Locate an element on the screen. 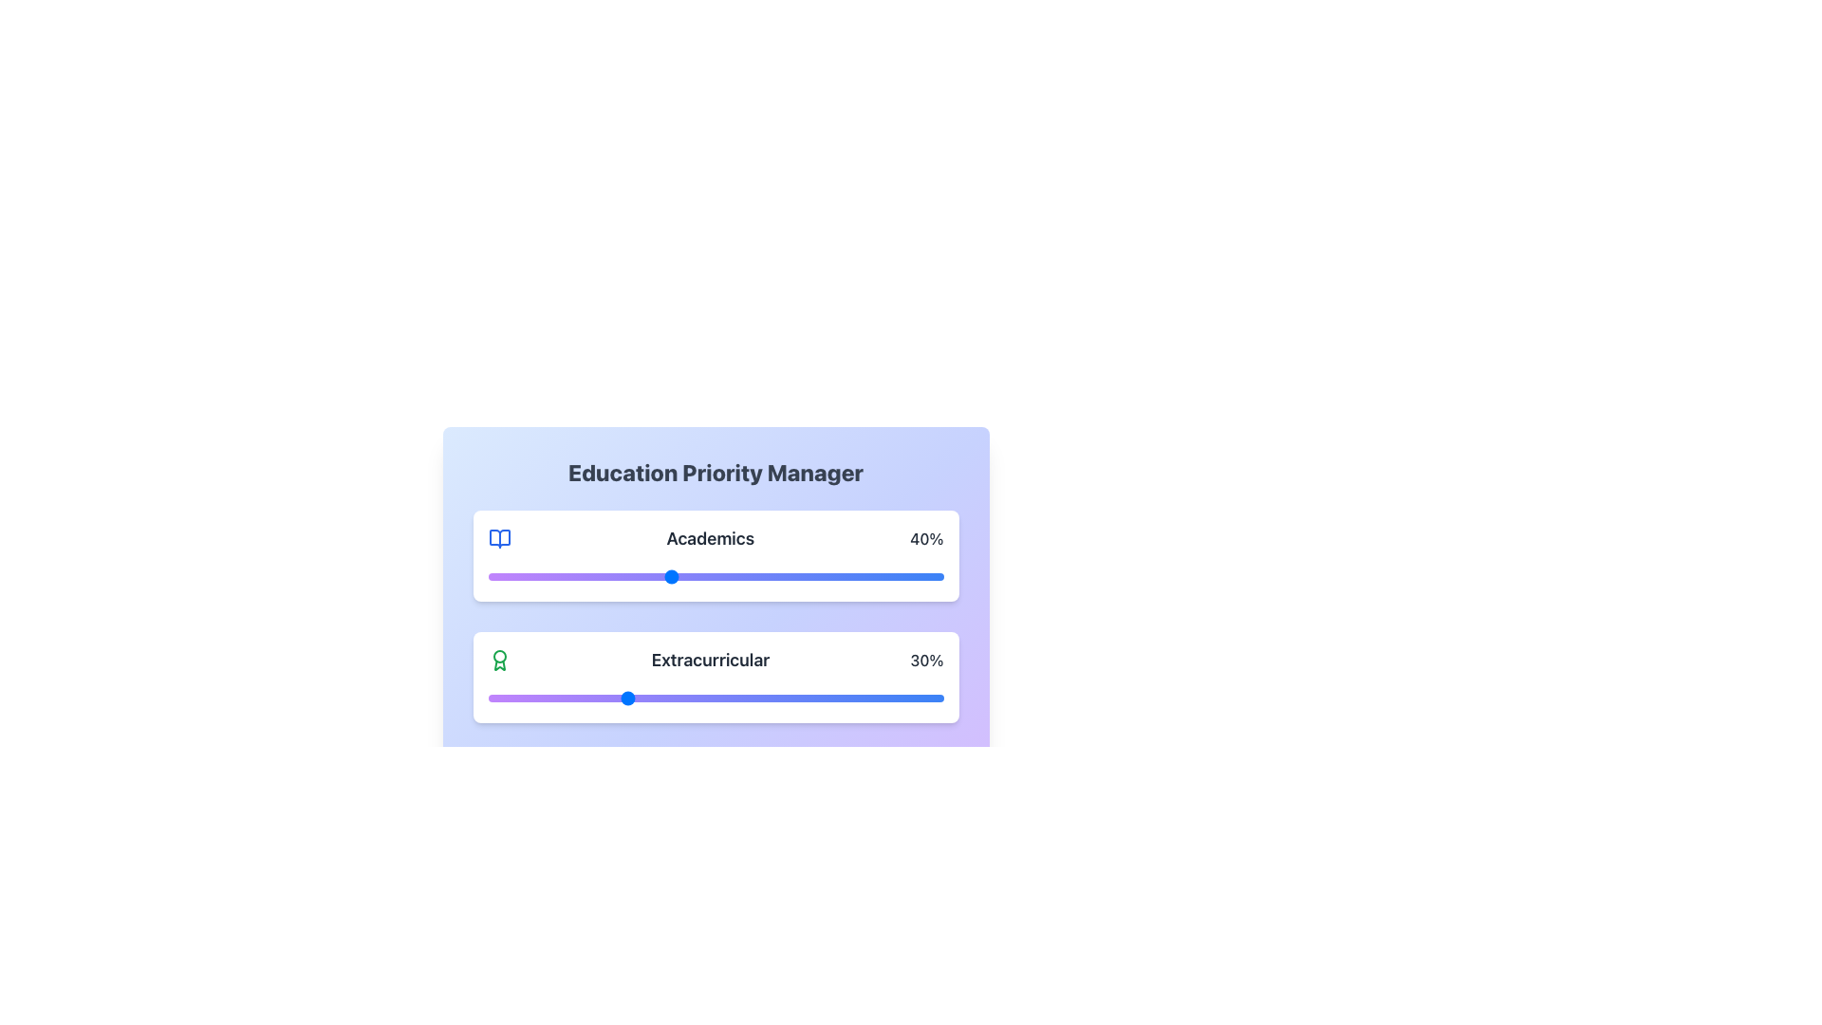  'Extracurricular' value is located at coordinates (869, 699).